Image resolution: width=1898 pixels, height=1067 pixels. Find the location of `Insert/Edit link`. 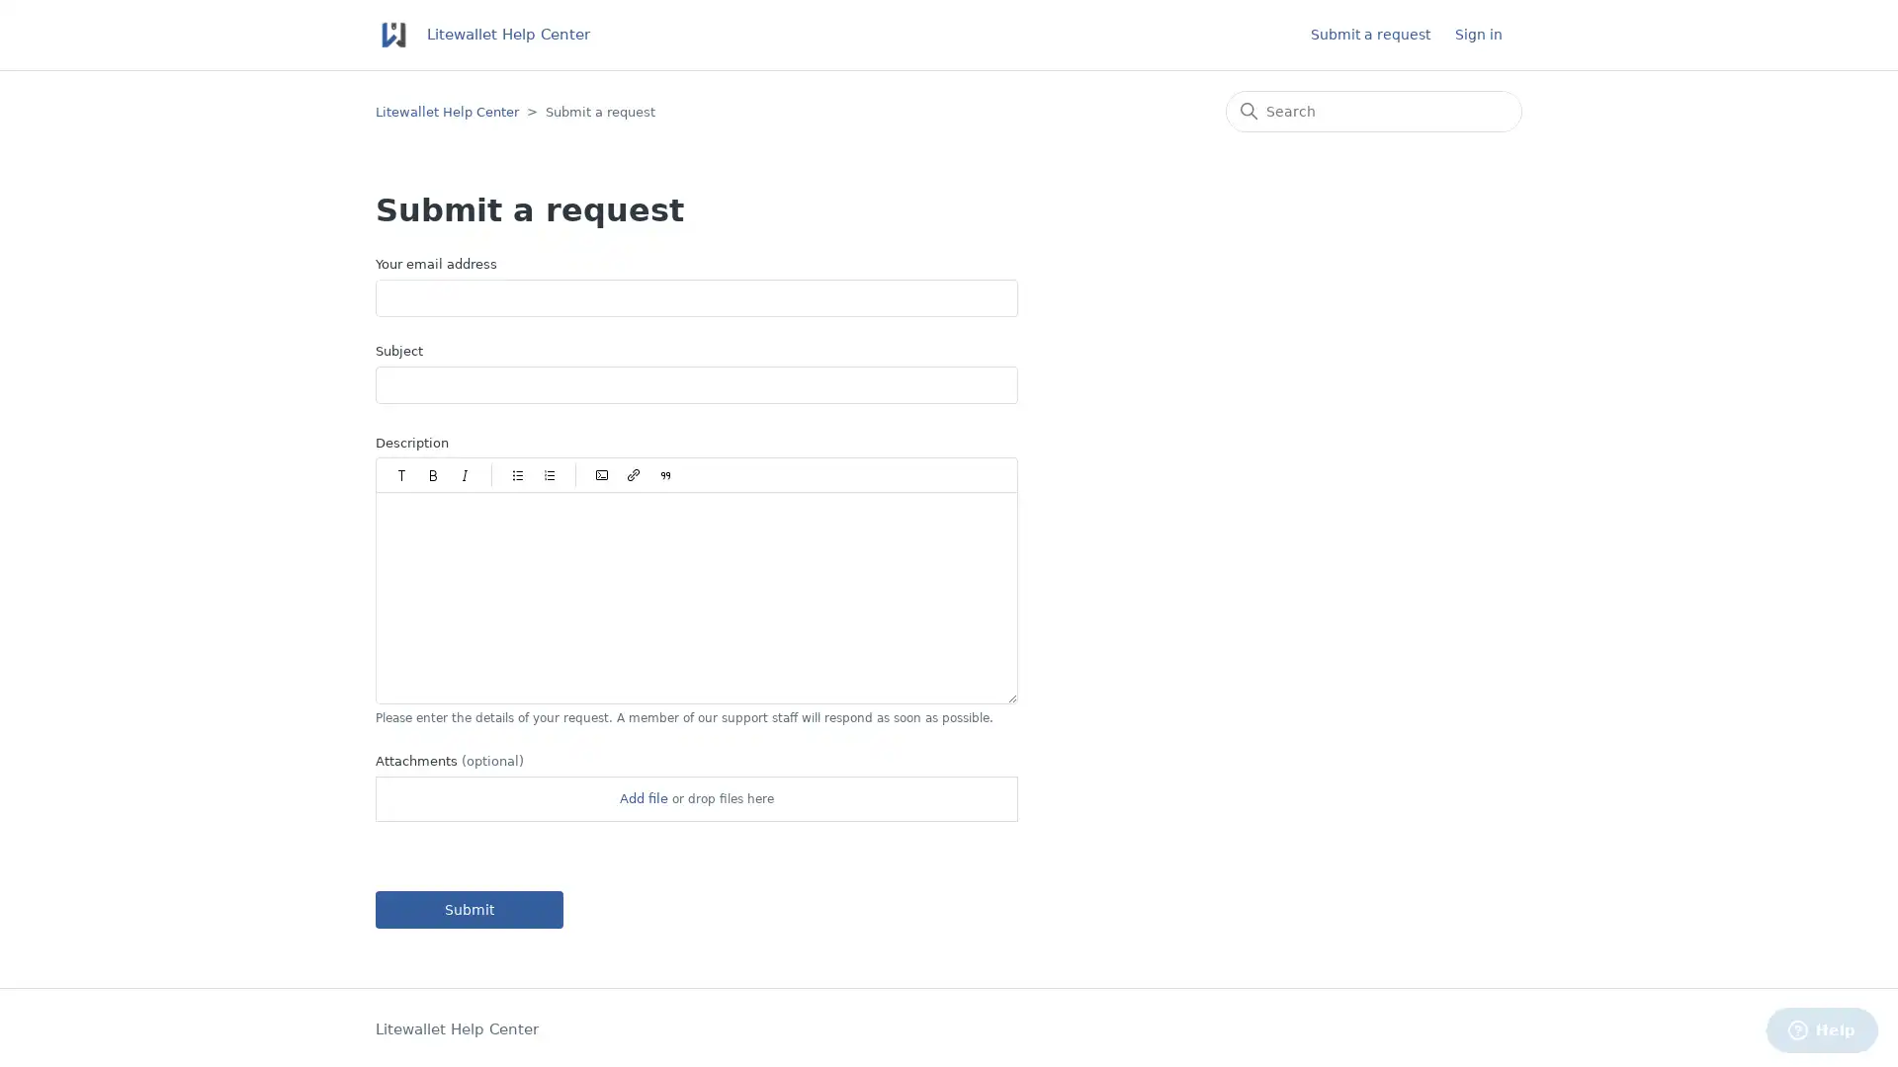

Insert/Edit link is located at coordinates (634, 475).